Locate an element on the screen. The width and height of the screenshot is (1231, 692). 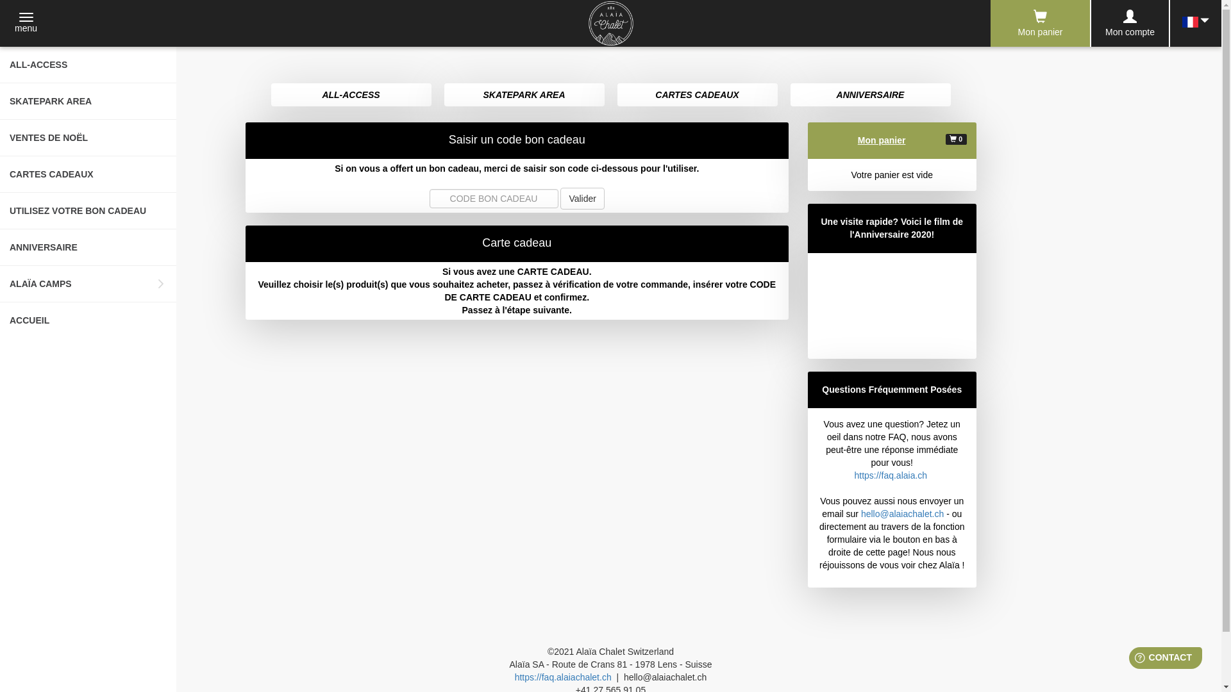
'ACCUEIL' is located at coordinates (87, 320).